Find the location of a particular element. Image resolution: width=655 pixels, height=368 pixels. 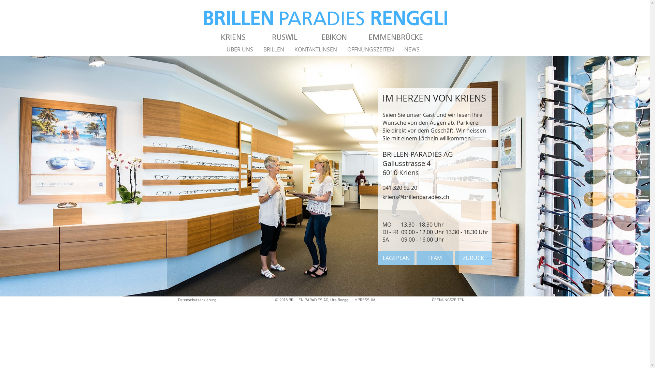

'041 320 92 20 ' is located at coordinates (400, 187).